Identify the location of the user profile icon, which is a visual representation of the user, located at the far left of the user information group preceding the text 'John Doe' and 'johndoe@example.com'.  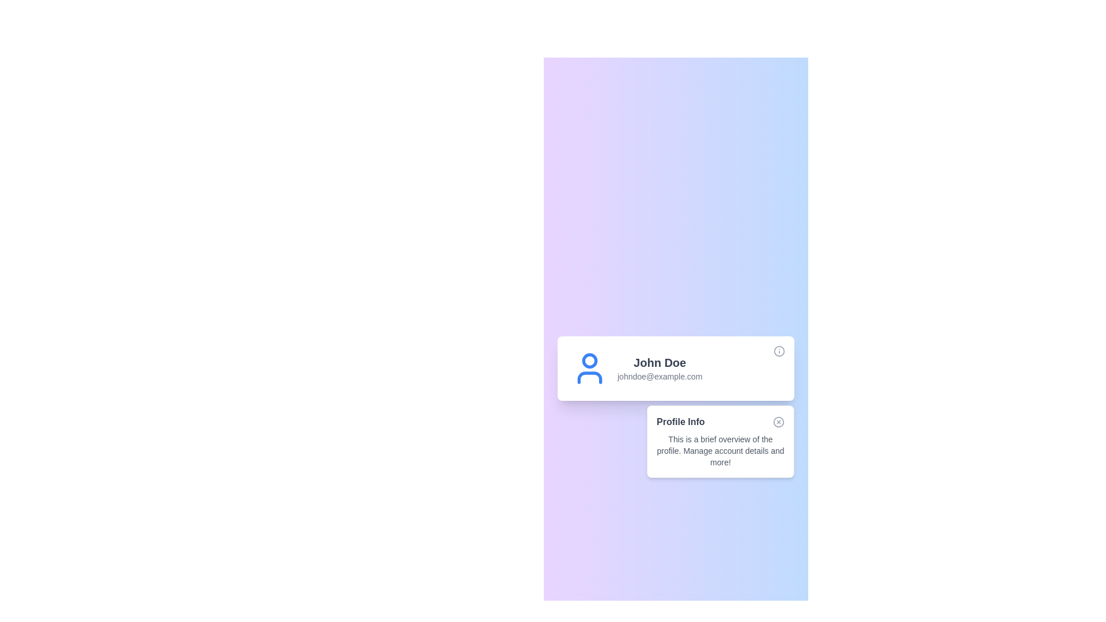
(589, 369).